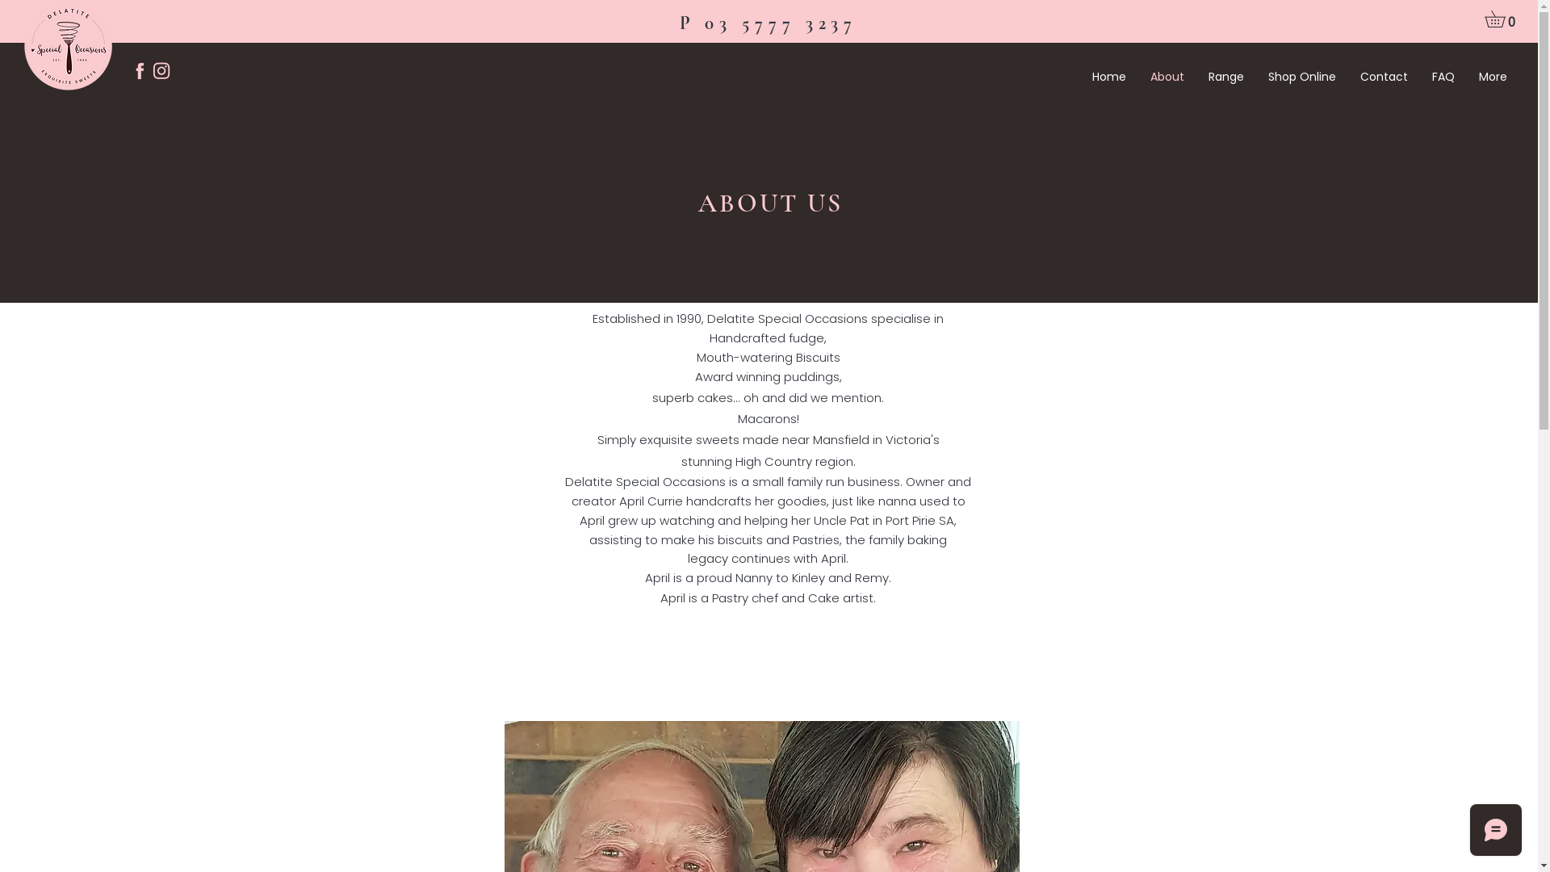  What do you see at coordinates (1137, 77) in the screenshot?
I see `'About'` at bounding box center [1137, 77].